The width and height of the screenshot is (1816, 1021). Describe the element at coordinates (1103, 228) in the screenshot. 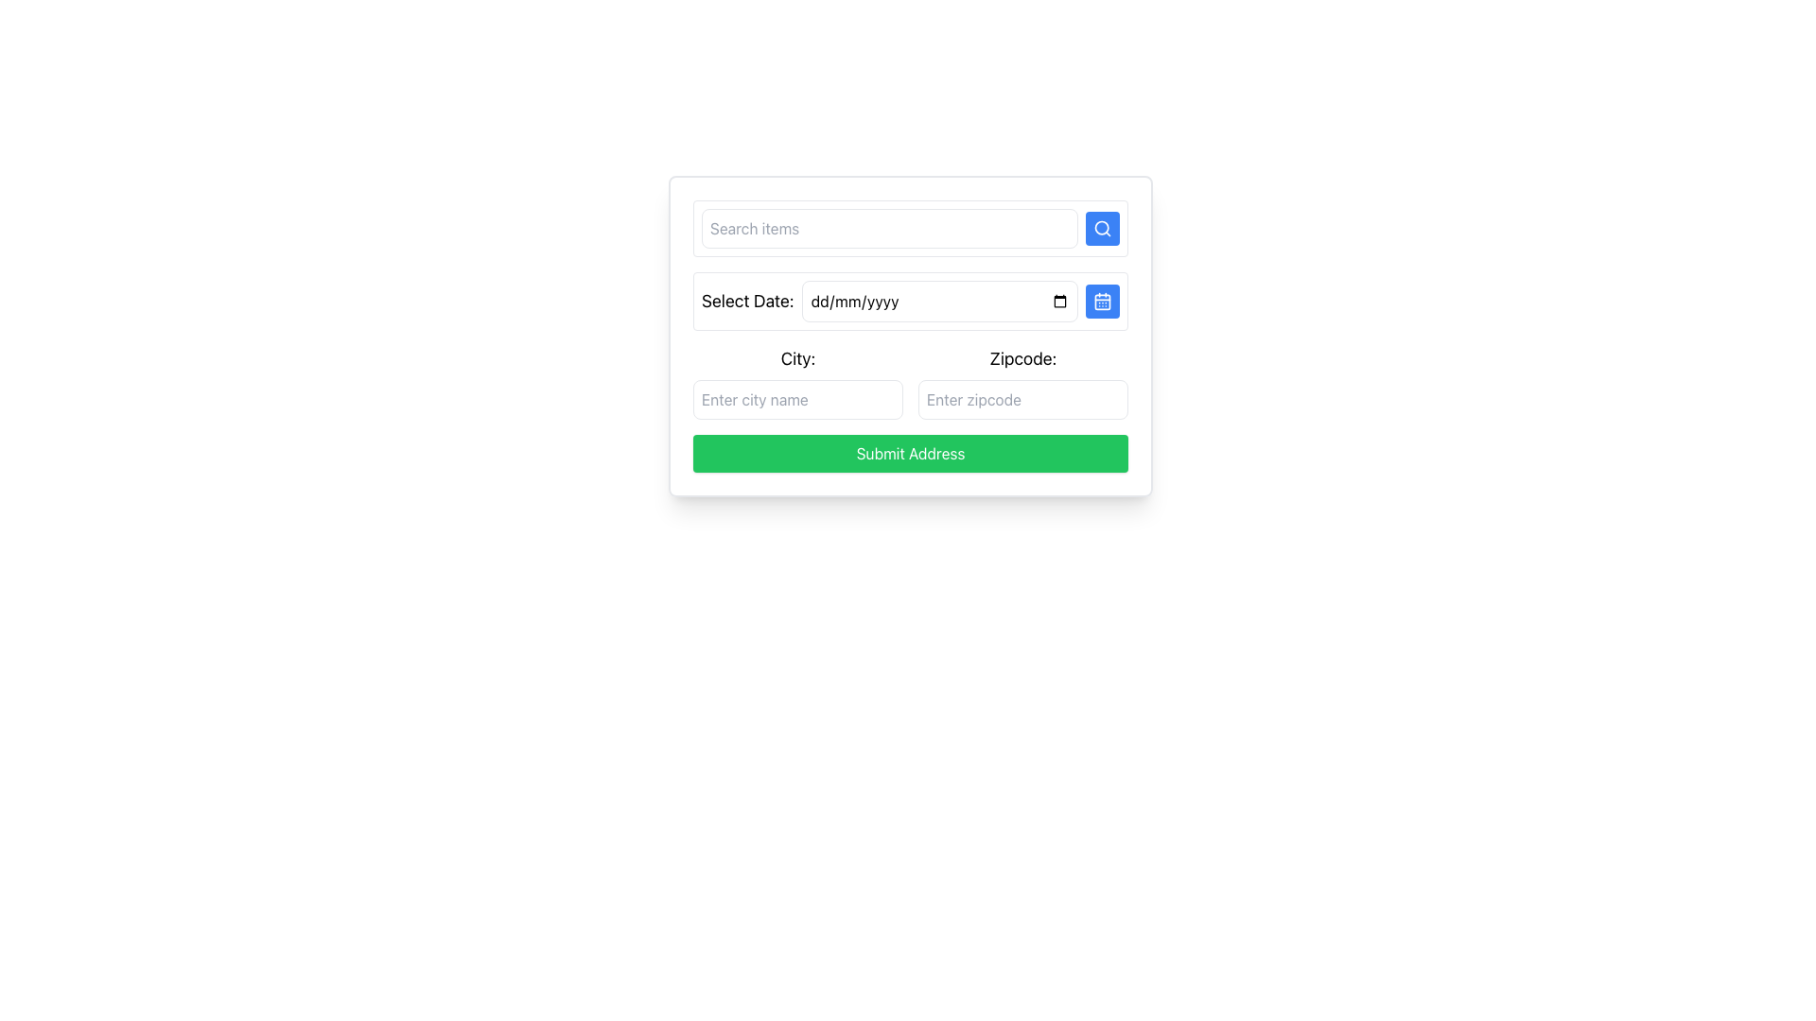

I see `the blue circular button with a white magnifying glass icon to initiate a search located at the end of the 'Search items' input field` at that location.